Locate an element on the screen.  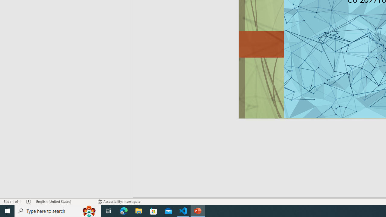
'Visual Studio Code - 1 running window' is located at coordinates (183, 210).